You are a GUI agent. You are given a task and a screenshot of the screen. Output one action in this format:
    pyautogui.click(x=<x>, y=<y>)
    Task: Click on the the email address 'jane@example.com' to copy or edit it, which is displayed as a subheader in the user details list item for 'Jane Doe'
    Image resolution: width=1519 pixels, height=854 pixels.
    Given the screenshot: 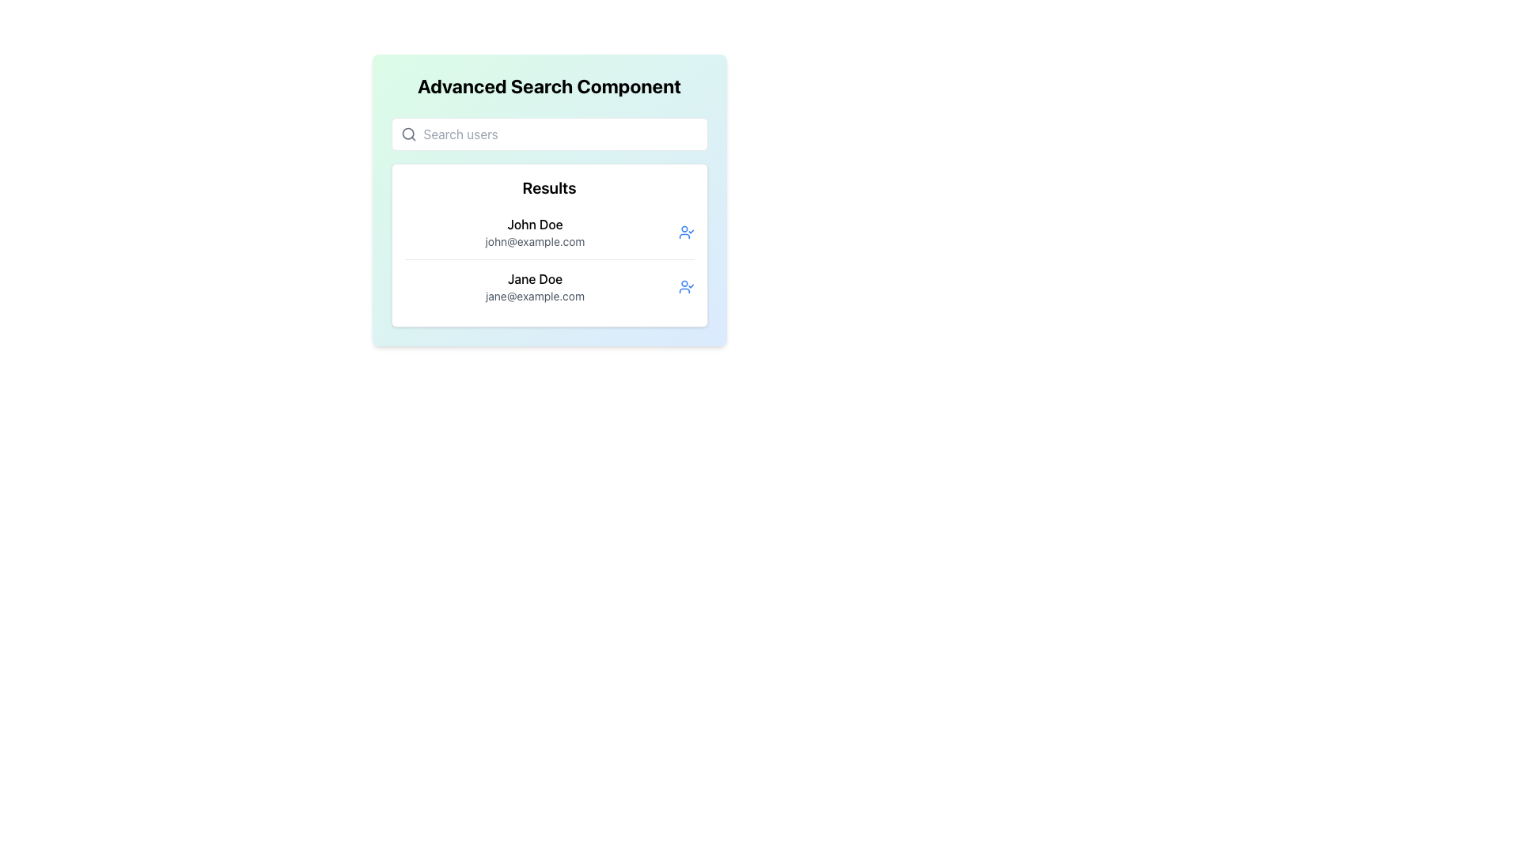 What is the action you would take?
    pyautogui.click(x=535, y=286)
    